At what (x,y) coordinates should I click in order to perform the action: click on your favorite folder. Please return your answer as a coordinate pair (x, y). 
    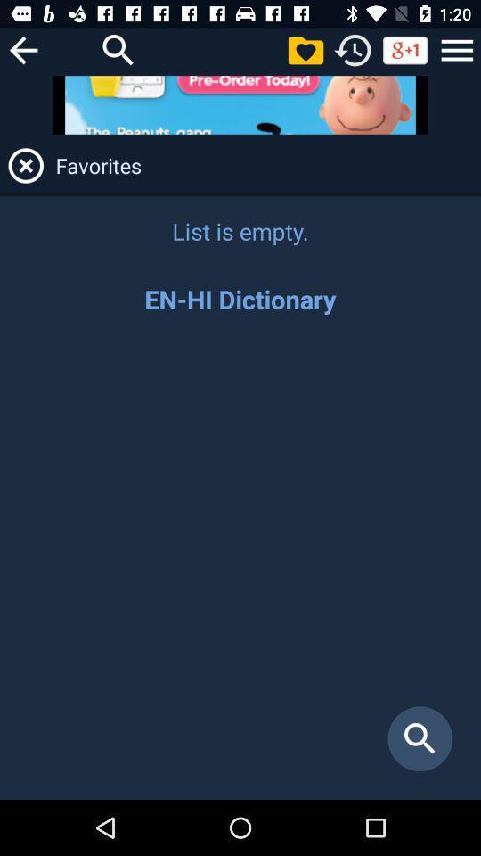
    Looking at the image, I should click on (305, 49).